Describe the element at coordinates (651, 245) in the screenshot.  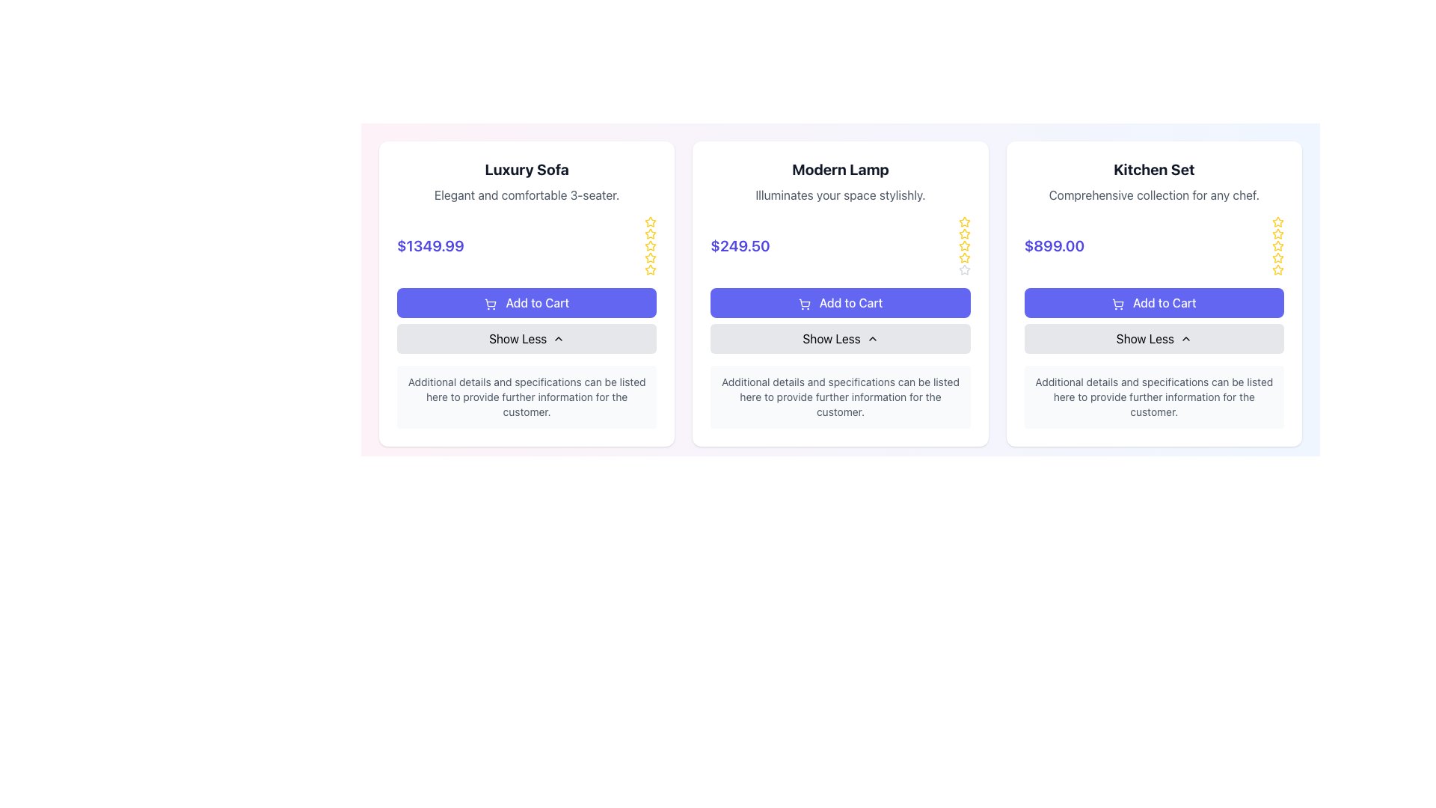
I see `the yellow star icon representing the rating for the 'Luxury Sofa' item within its detail card` at that location.